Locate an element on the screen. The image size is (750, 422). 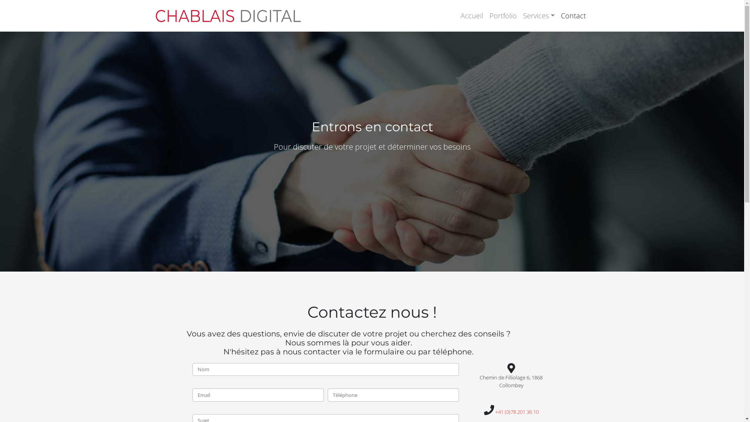
'Services' is located at coordinates (538, 15).